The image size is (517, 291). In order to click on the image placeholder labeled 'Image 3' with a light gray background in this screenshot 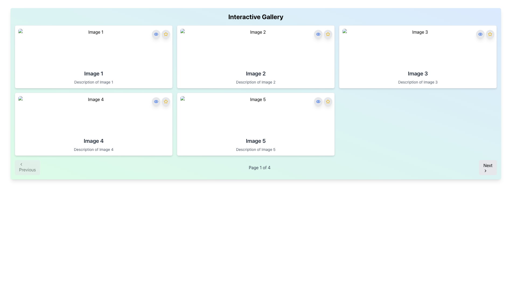, I will do `click(417, 48)`.